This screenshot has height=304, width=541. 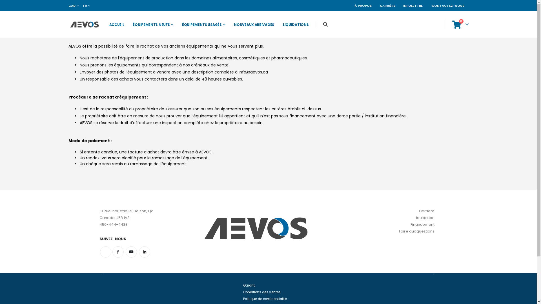 What do you see at coordinates (460, 24) in the screenshot?
I see `'Cart` at bounding box center [460, 24].